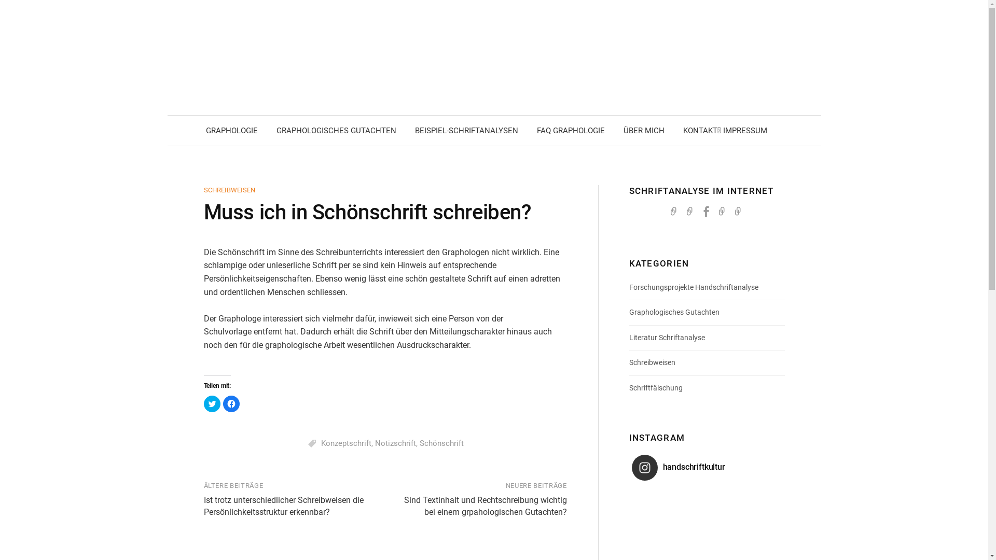 The image size is (996, 560). I want to click on 'Konzeptschrift', so click(346, 443).